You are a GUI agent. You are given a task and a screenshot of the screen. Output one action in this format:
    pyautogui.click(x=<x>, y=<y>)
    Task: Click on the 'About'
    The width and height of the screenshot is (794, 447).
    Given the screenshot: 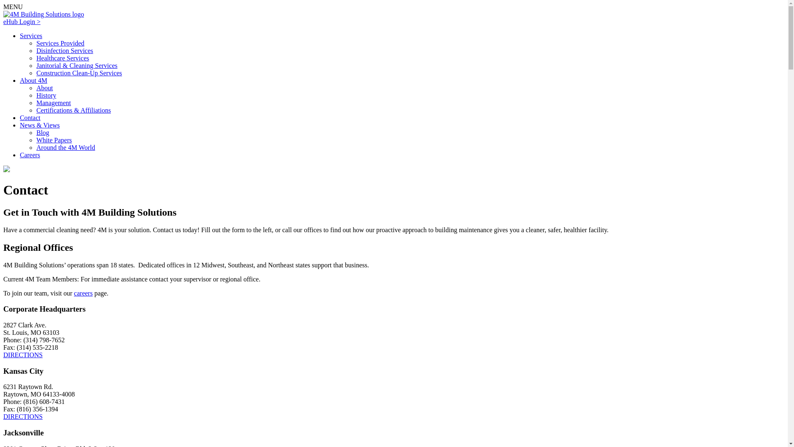 What is the action you would take?
    pyautogui.click(x=44, y=88)
    